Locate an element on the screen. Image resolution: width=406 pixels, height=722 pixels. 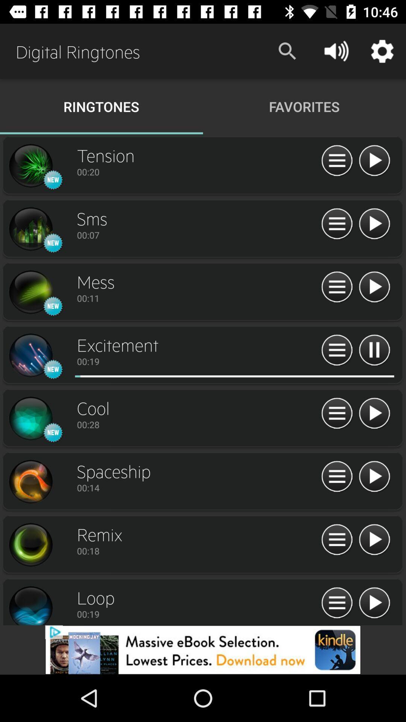
menu icon is located at coordinates (336, 350).